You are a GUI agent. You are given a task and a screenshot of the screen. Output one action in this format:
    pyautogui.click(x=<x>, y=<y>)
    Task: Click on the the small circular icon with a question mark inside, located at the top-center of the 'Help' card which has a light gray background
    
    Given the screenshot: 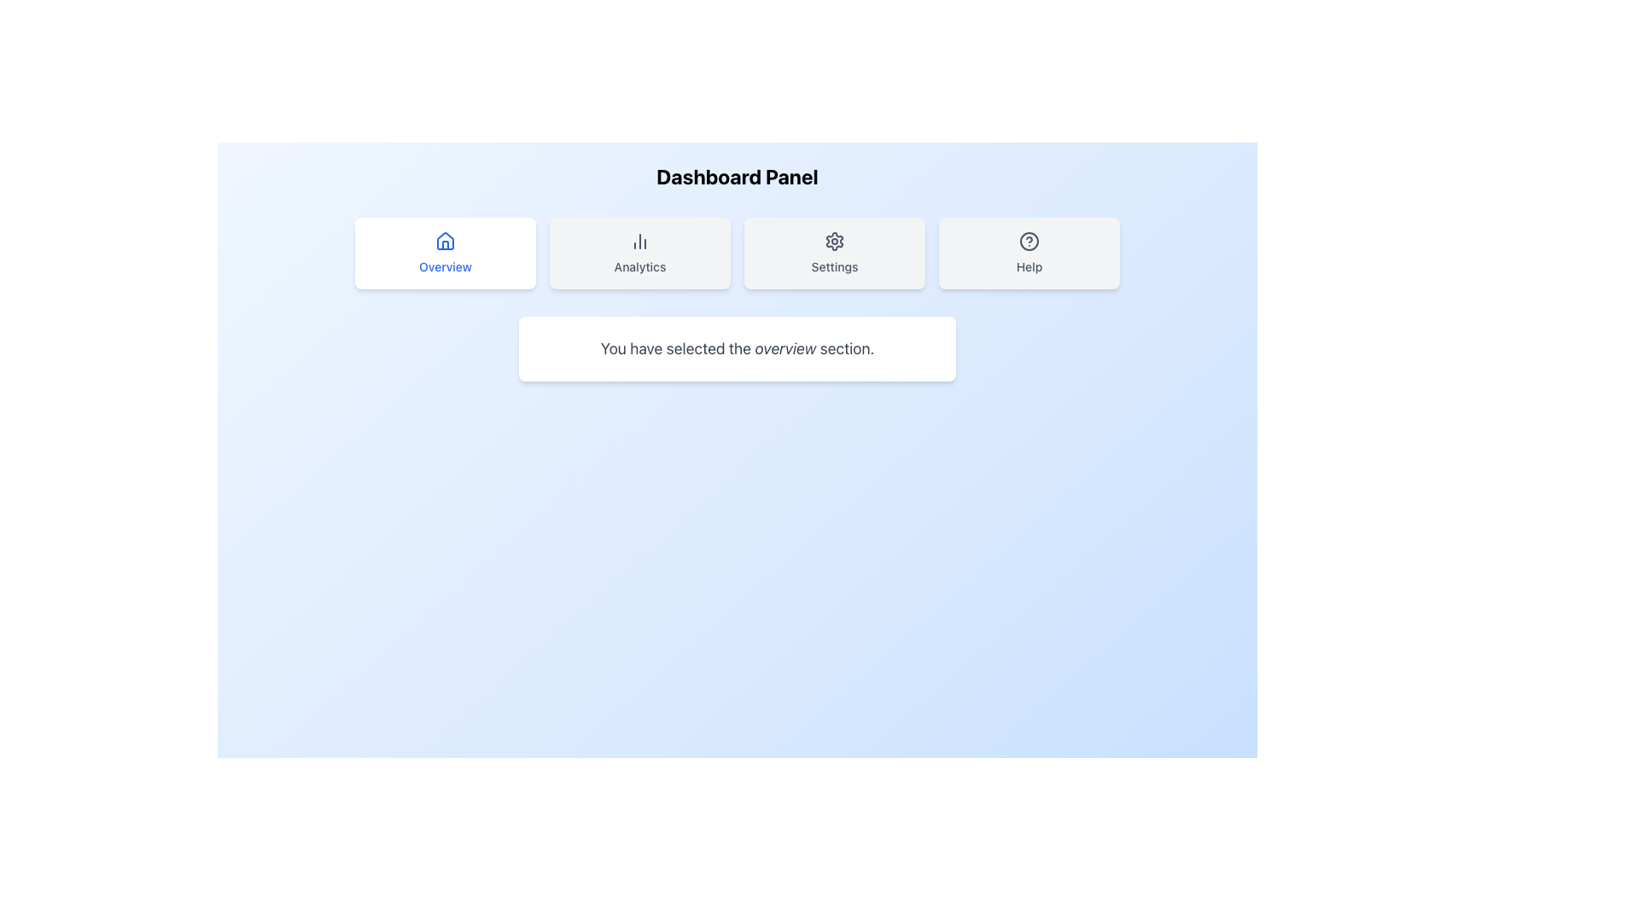 What is the action you would take?
    pyautogui.click(x=1028, y=241)
    